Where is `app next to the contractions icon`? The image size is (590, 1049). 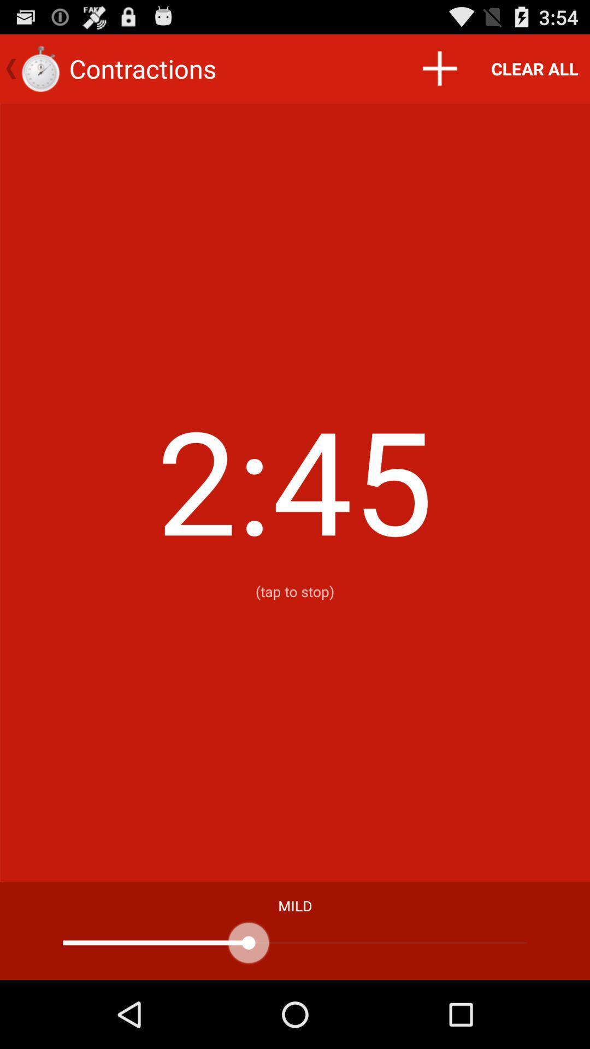
app next to the contractions icon is located at coordinates (439, 68).